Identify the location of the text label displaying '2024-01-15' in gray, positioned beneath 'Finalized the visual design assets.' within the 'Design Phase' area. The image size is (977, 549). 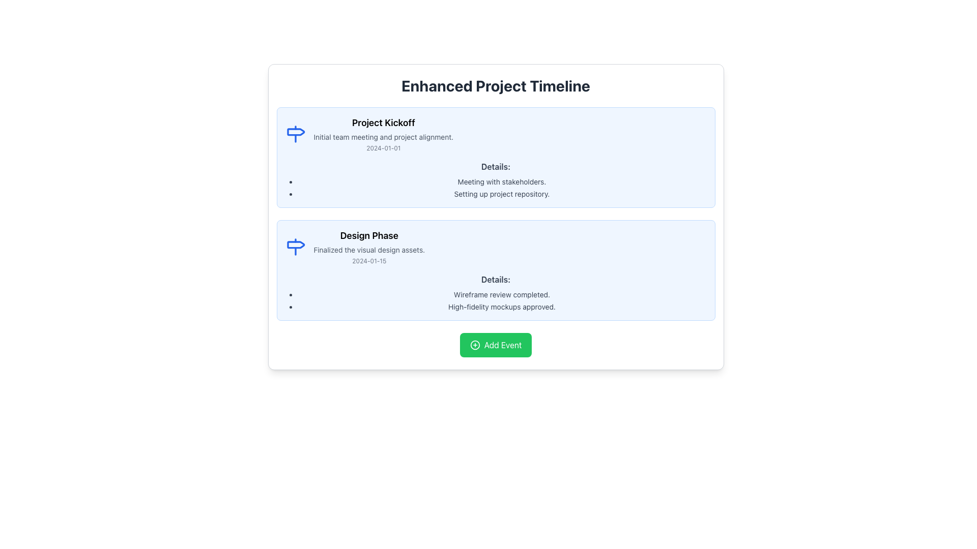
(368, 260).